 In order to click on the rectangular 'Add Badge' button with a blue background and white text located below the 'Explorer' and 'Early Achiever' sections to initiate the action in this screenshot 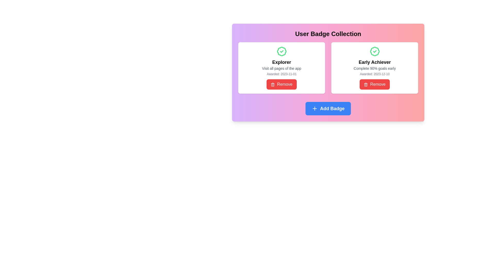, I will do `click(328, 108)`.